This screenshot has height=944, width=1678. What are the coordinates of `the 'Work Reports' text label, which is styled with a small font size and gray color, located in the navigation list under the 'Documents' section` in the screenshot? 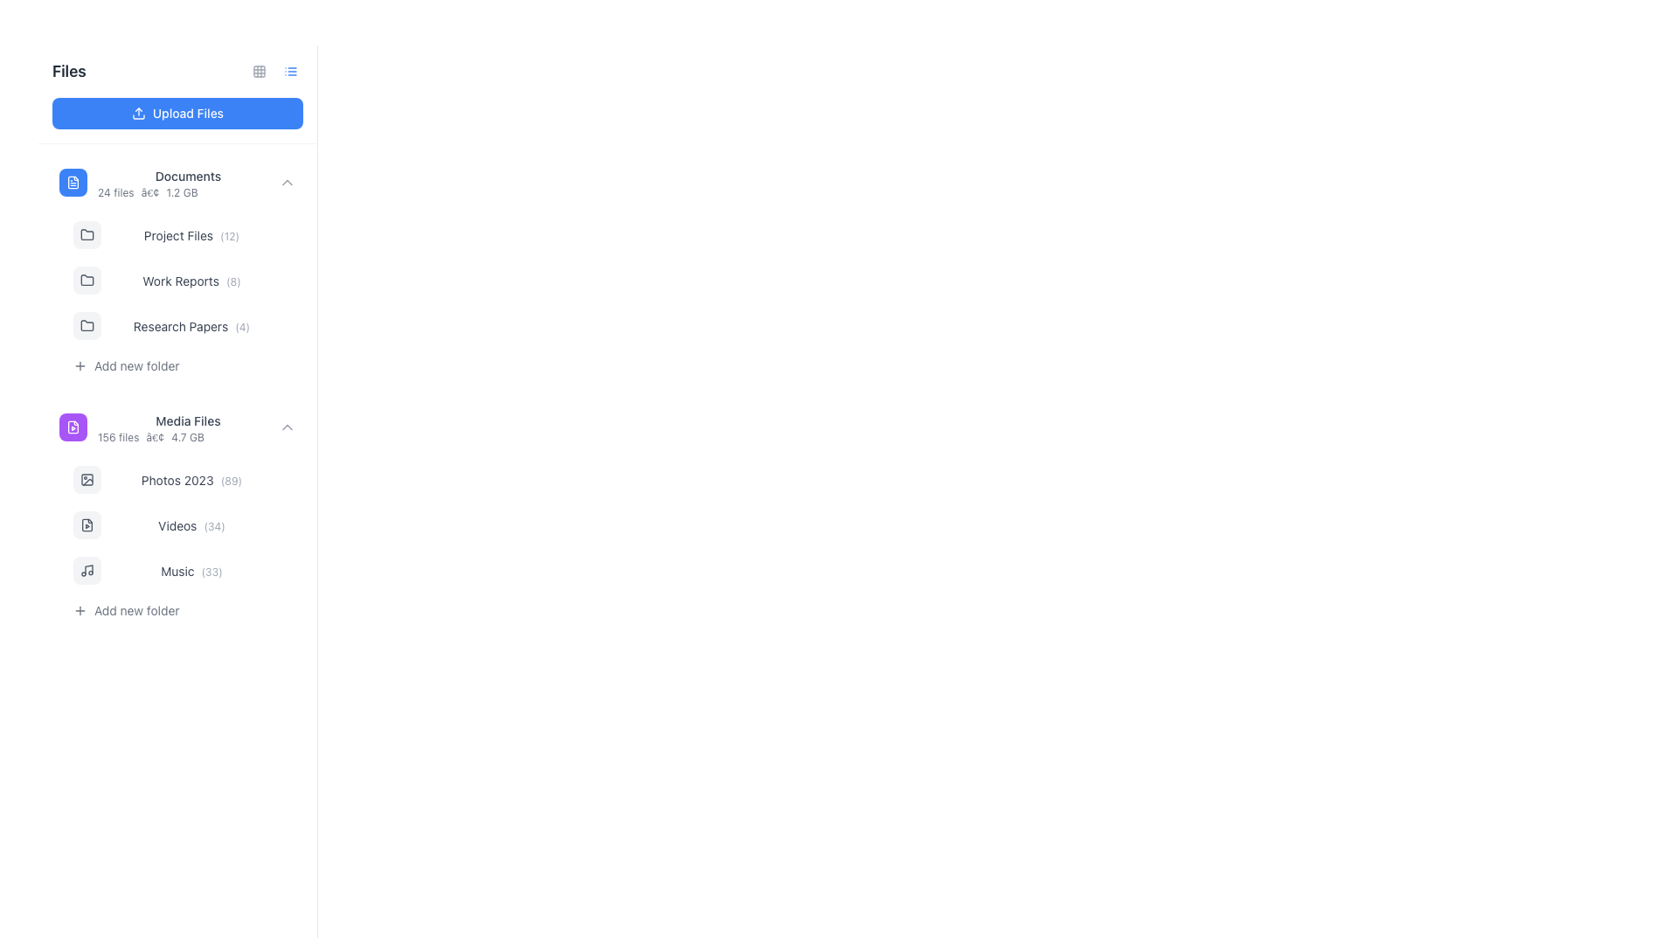 It's located at (180, 280).